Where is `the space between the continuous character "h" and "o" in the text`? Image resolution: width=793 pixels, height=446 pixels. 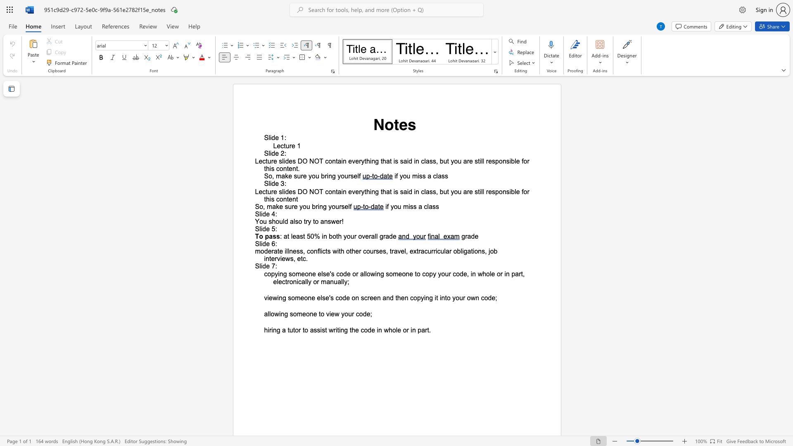 the space between the continuous character "h" and "o" in the text is located at coordinates (392, 330).